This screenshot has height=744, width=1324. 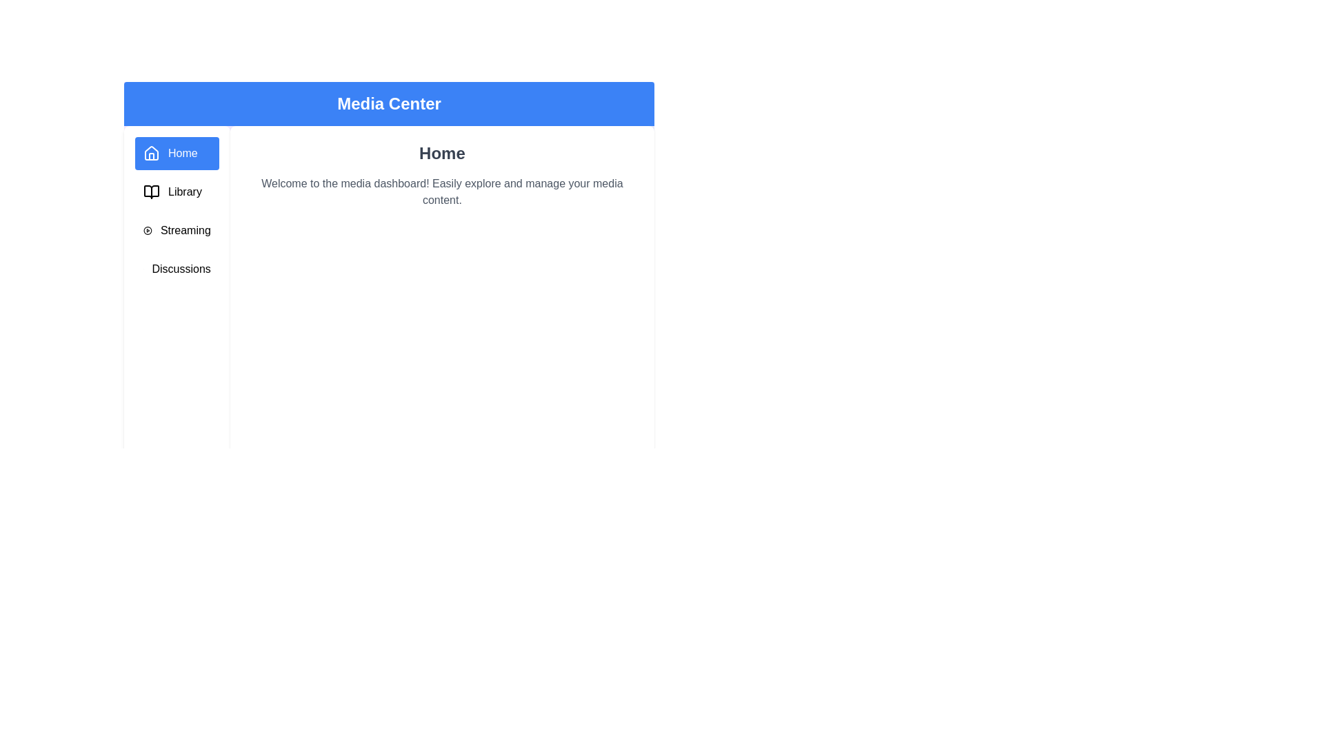 What do you see at coordinates (175, 192) in the screenshot?
I see `the Library tab by clicking on its corresponding sidebar entry` at bounding box center [175, 192].